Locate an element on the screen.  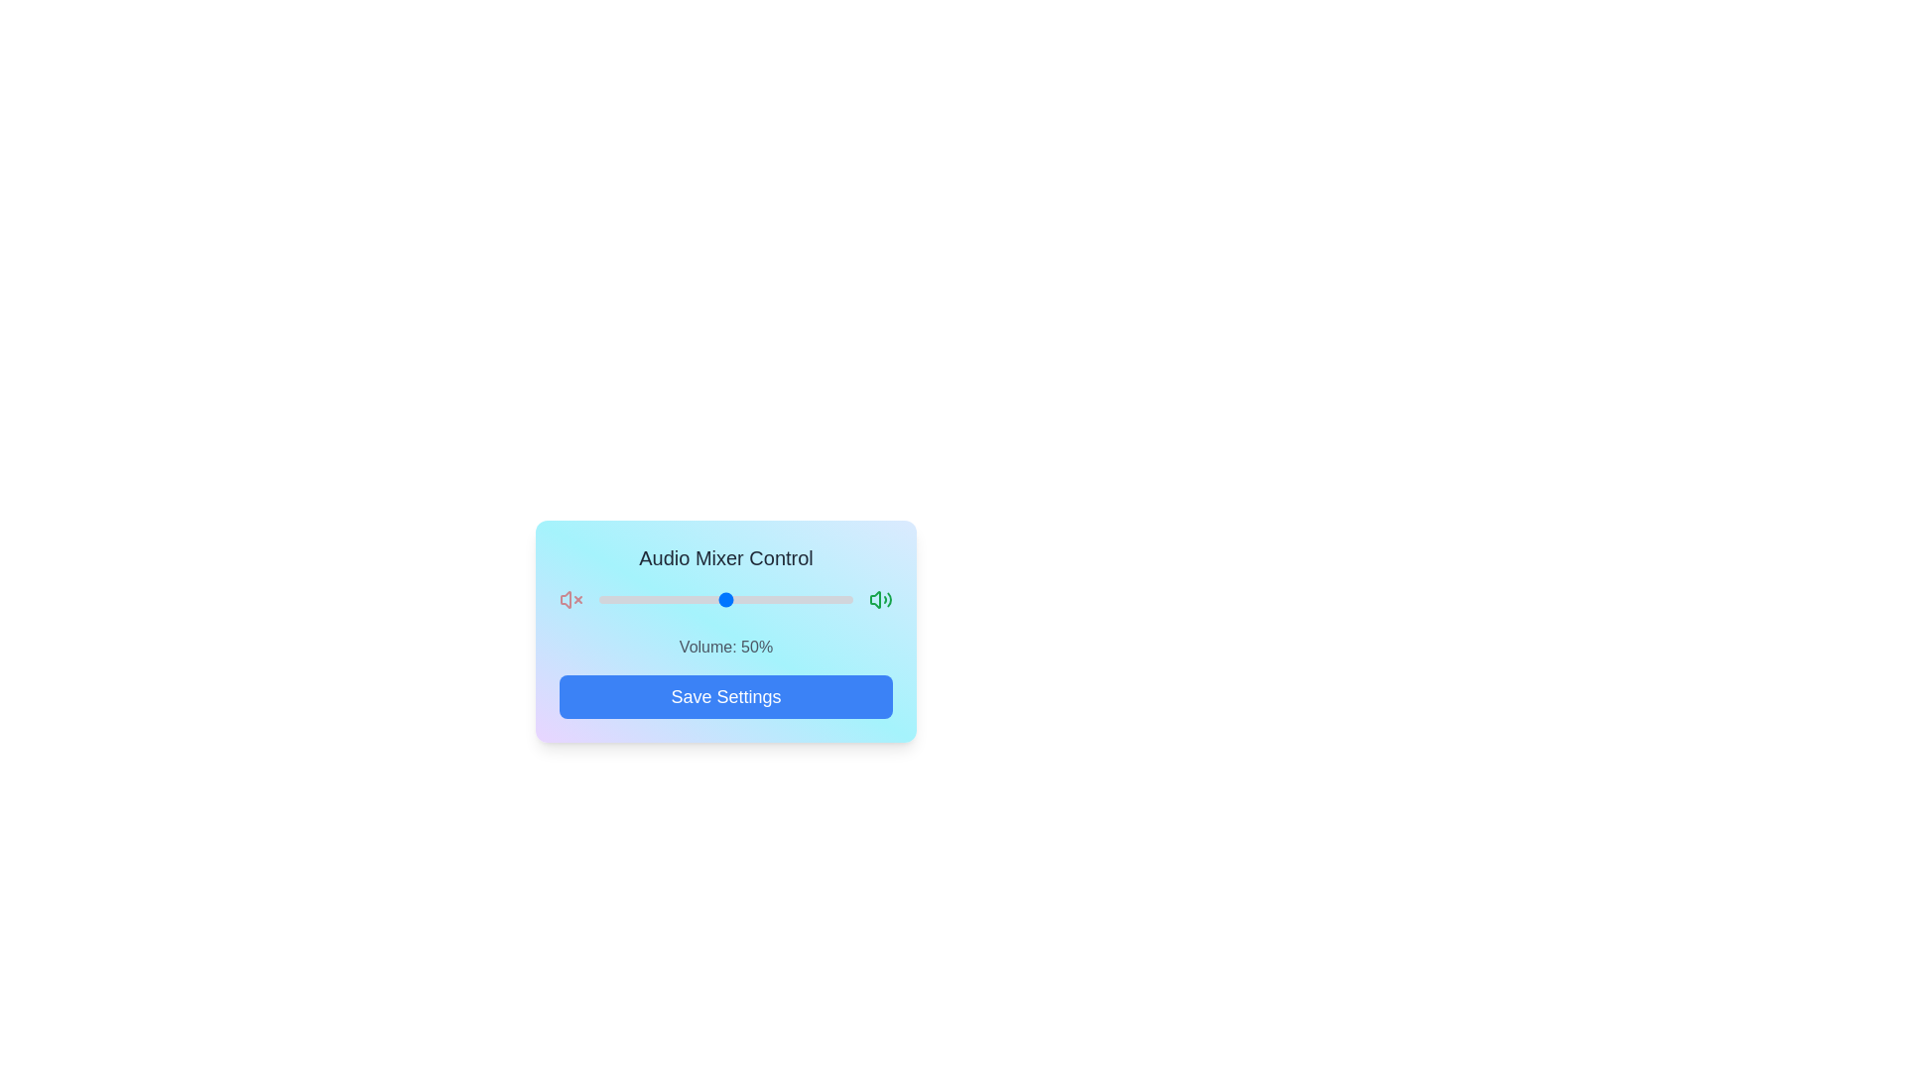
the volume slider to set the volume to 2% is located at coordinates (603, 599).